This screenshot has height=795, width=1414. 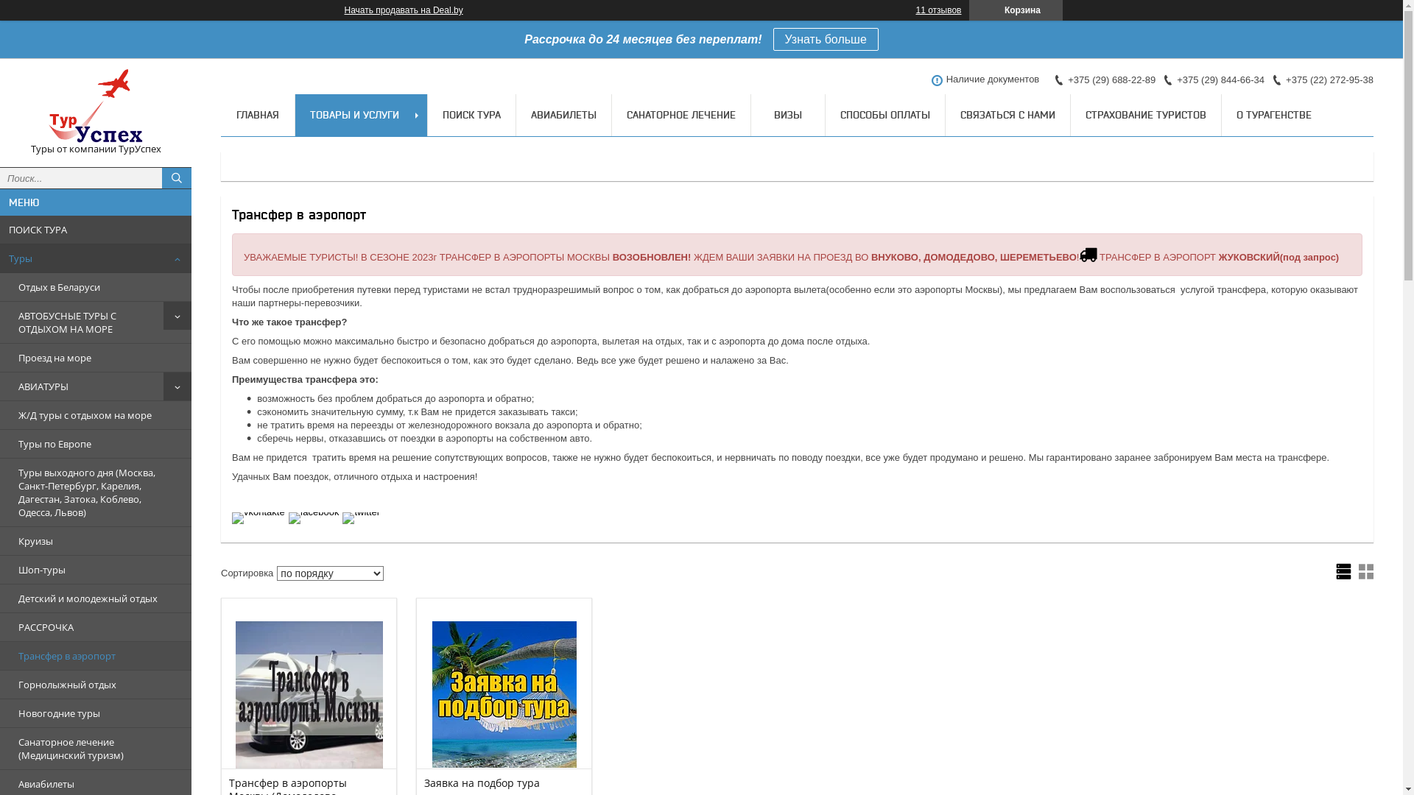 I want to click on 'twitter', so click(x=342, y=511).